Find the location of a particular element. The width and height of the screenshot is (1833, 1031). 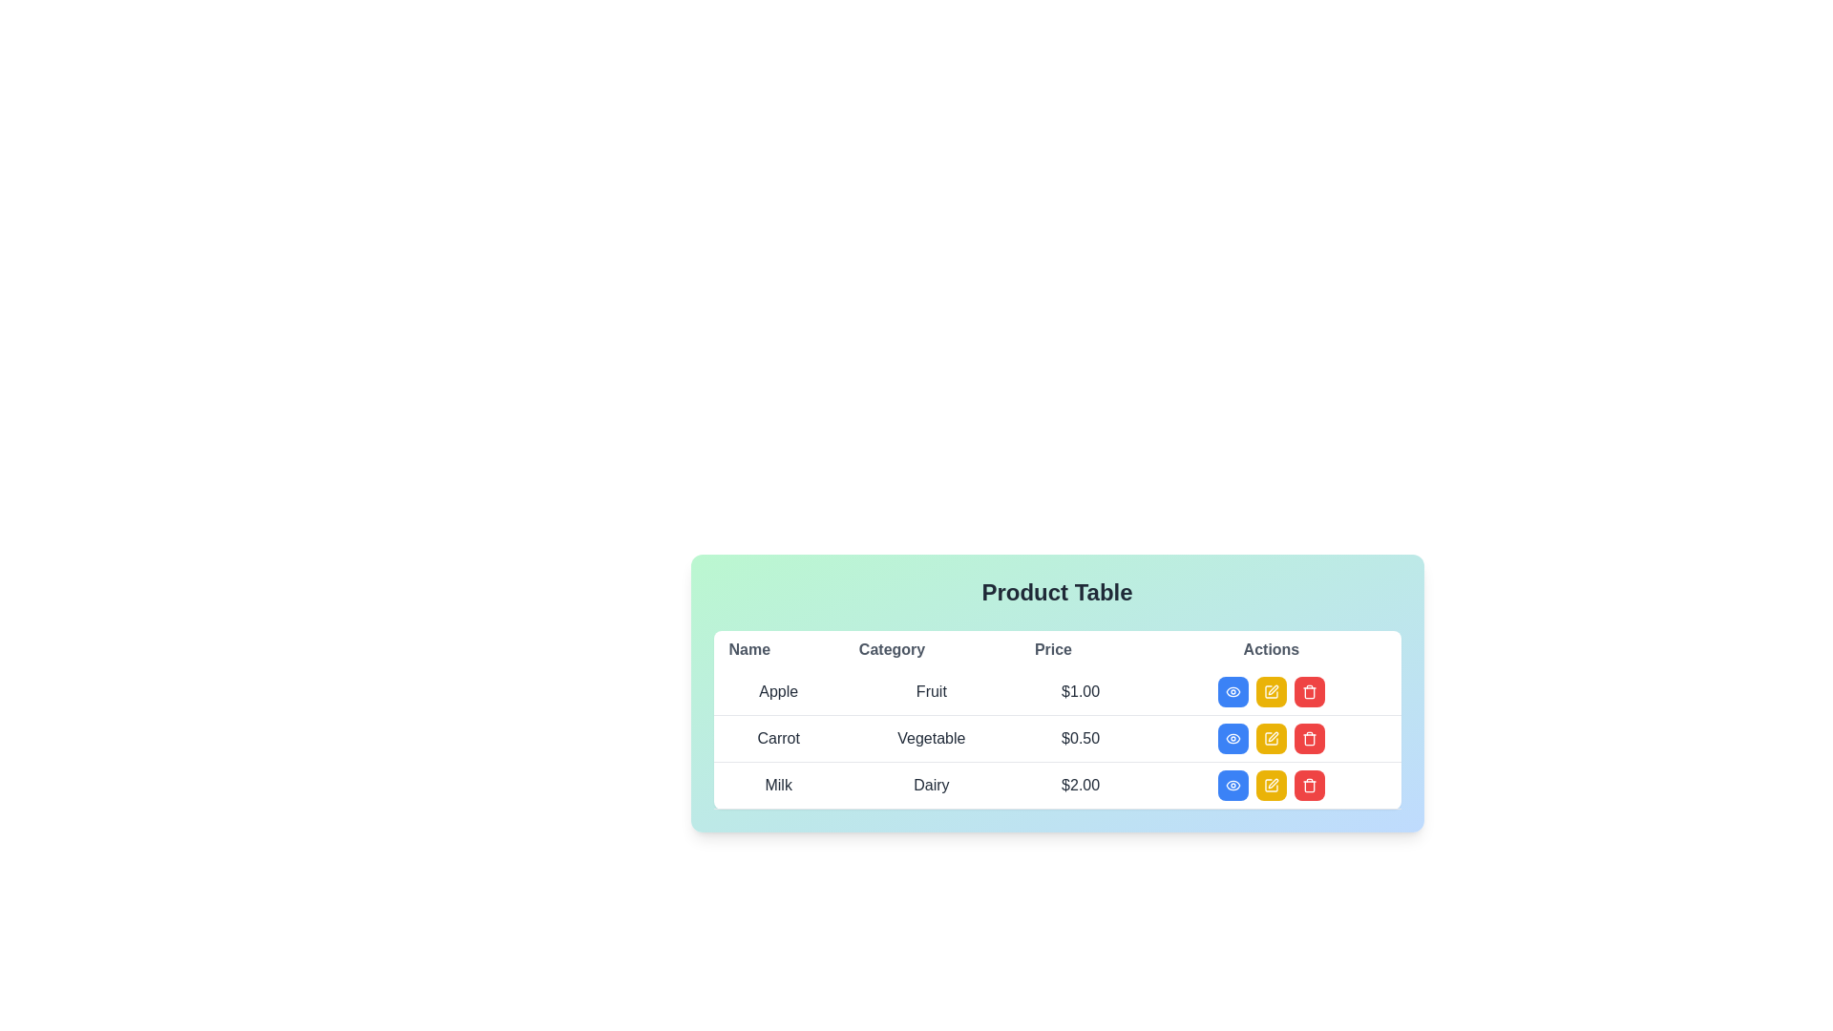

the pen icon in the 'Actions' column of the last row in the product table is located at coordinates (1274, 689).